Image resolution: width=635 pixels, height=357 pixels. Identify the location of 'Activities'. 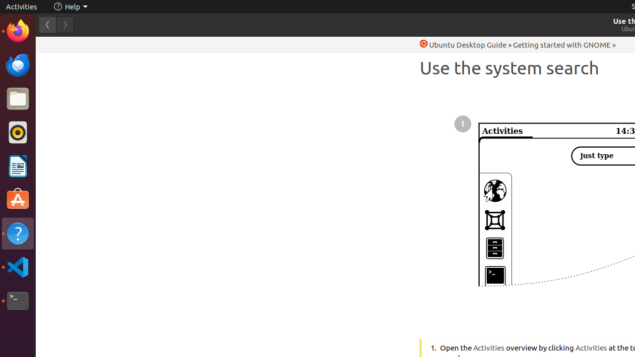
(21, 6).